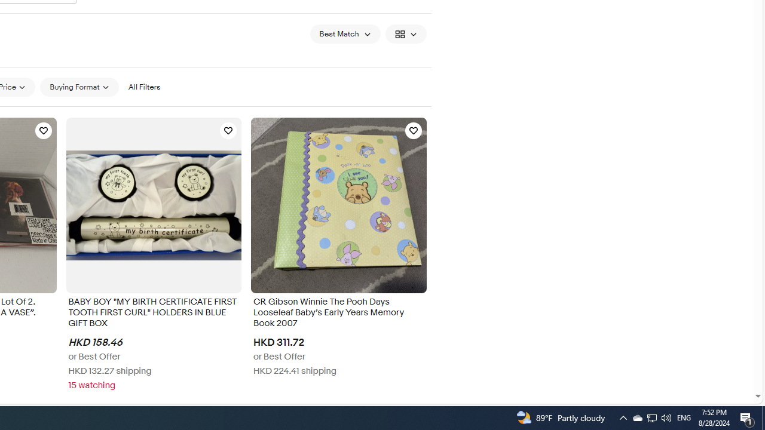 This screenshot has width=765, height=430. I want to click on 'Buying Format', so click(78, 86).